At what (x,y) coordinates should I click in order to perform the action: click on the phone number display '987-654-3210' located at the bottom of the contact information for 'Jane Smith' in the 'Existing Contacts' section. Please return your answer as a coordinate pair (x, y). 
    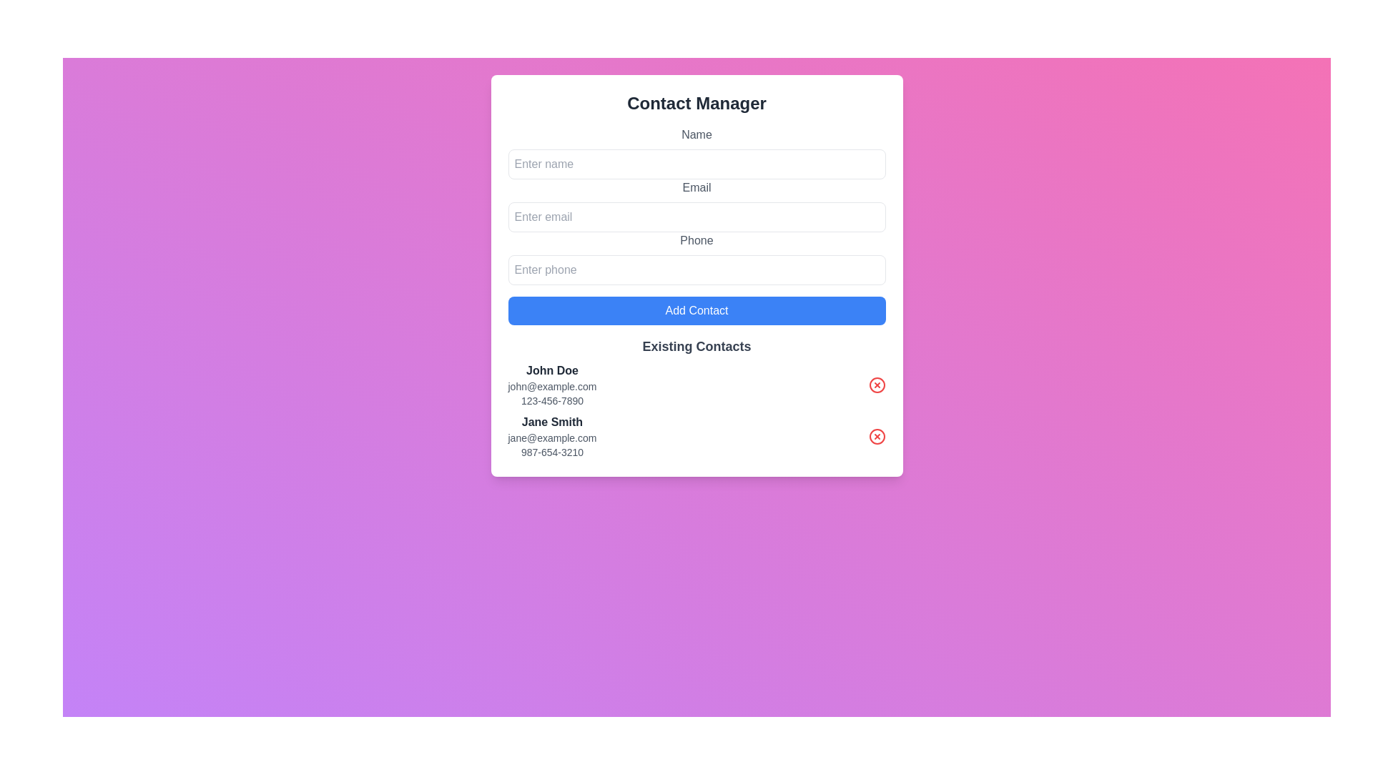
    Looking at the image, I should click on (551, 452).